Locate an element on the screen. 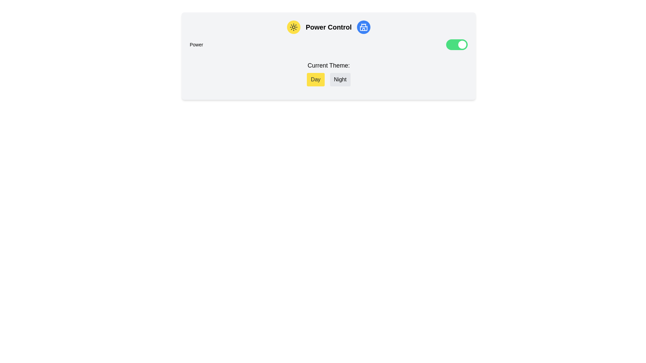 The width and height of the screenshot is (646, 363). the 'Night' theme button, which is the second button in the horizontal layout under the heading 'Current Theme:' is located at coordinates (340, 79).